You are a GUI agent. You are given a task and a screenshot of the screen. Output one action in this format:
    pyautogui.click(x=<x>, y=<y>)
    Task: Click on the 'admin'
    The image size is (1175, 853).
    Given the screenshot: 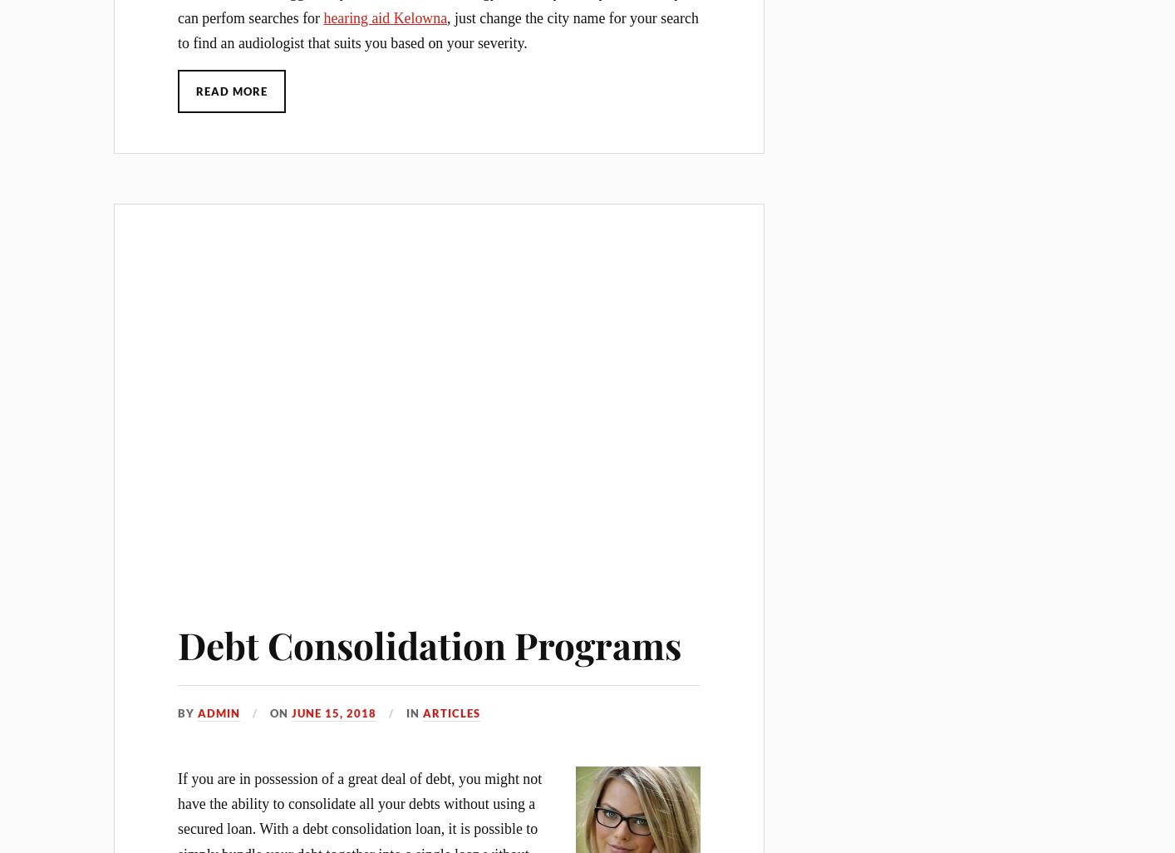 What is the action you would take?
    pyautogui.click(x=219, y=713)
    